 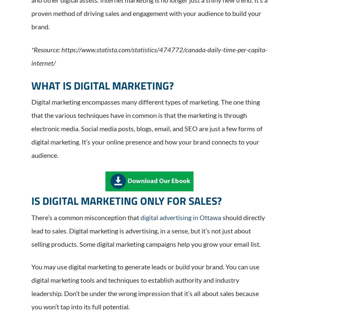 What do you see at coordinates (186, 251) in the screenshot?
I see `'Our Experts'` at bounding box center [186, 251].